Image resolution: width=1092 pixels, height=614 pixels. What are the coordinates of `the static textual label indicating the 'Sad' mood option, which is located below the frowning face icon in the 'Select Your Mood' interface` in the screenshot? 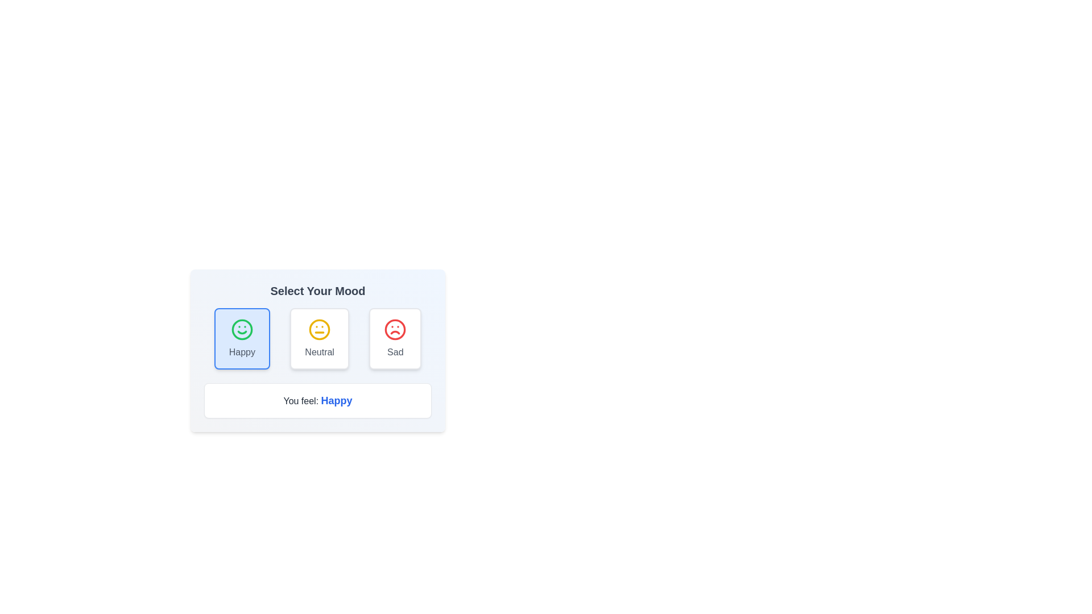 It's located at (395, 352).